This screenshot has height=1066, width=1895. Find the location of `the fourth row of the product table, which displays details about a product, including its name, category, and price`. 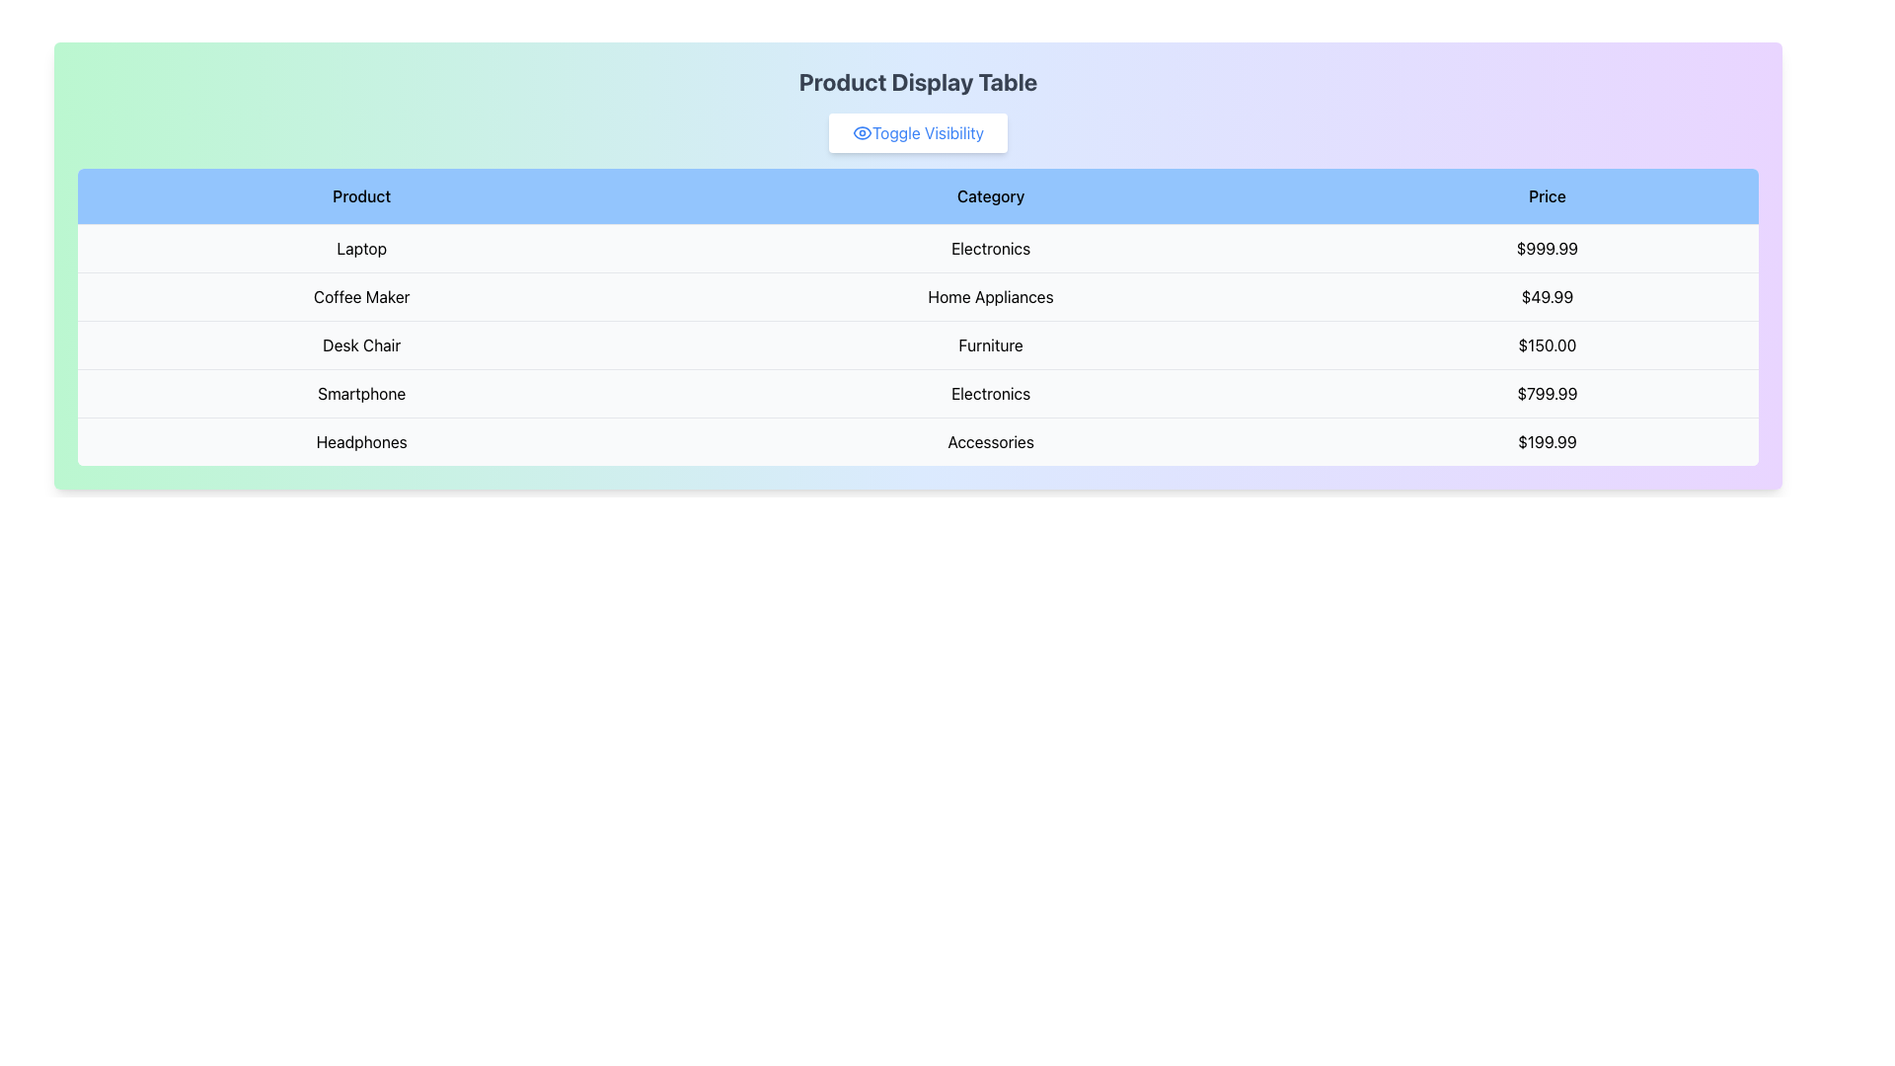

the fourth row of the product table, which displays details about a product, including its name, category, and price is located at coordinates (917, 393).